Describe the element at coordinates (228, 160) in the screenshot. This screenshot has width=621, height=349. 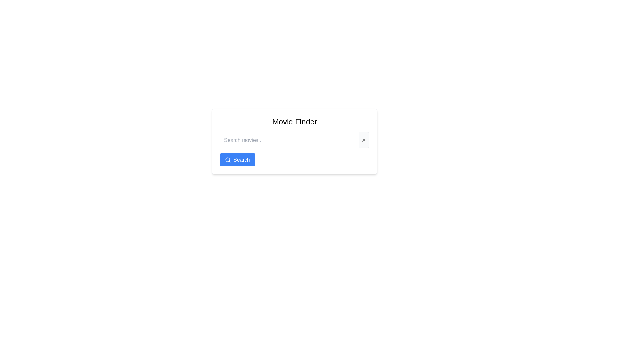
I see `the magnifying glass icon located within the blue 'Search' button in the lower right corner of the search interface` at that location.